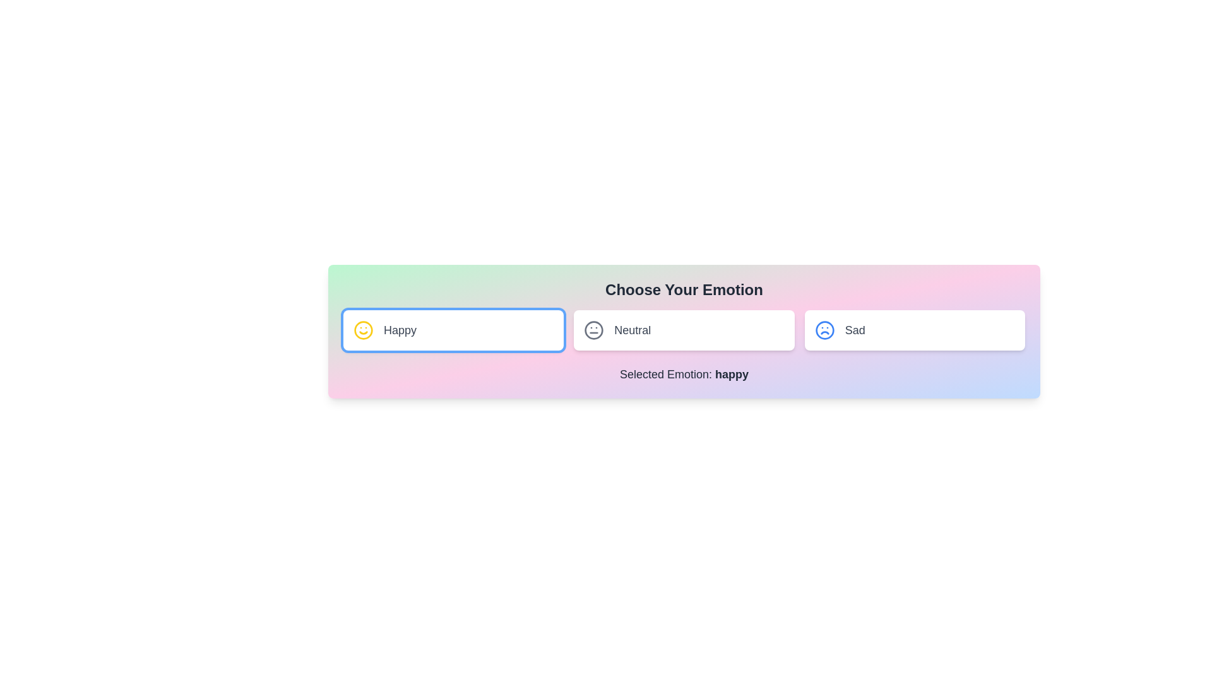  Describe the element at coordinates (915, 330) in the screenshot. I see `the 'Sad' emotion button` at that location.